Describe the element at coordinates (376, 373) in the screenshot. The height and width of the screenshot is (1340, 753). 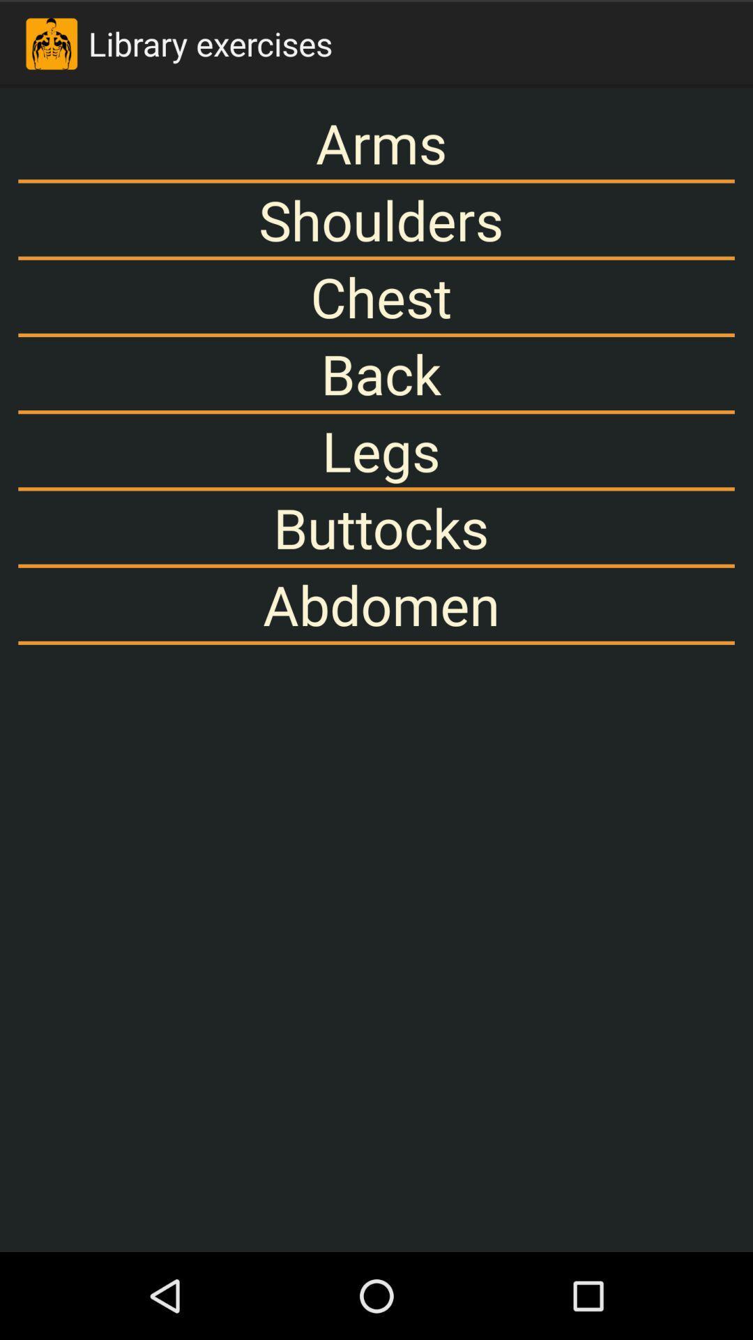
I see `the back icon` at that location.